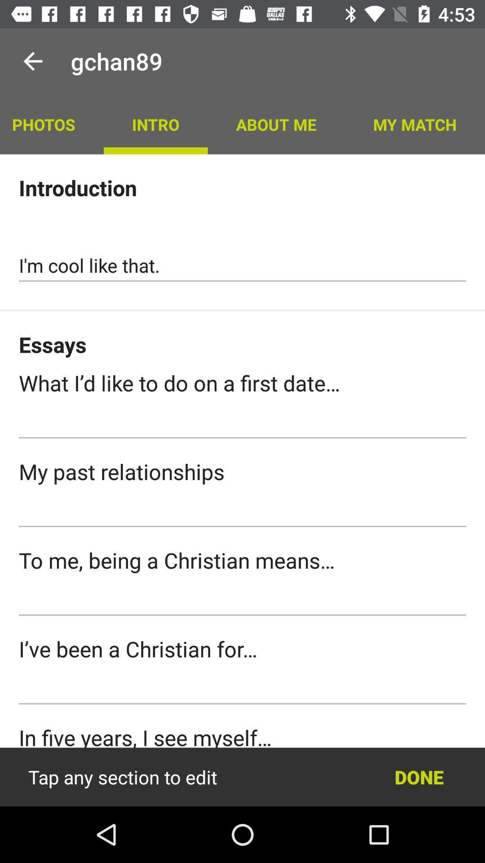 This screenshot has height=863, width=485. Describe the element at coordinates (242, 600) in the screenshot. I see `text` at that location.